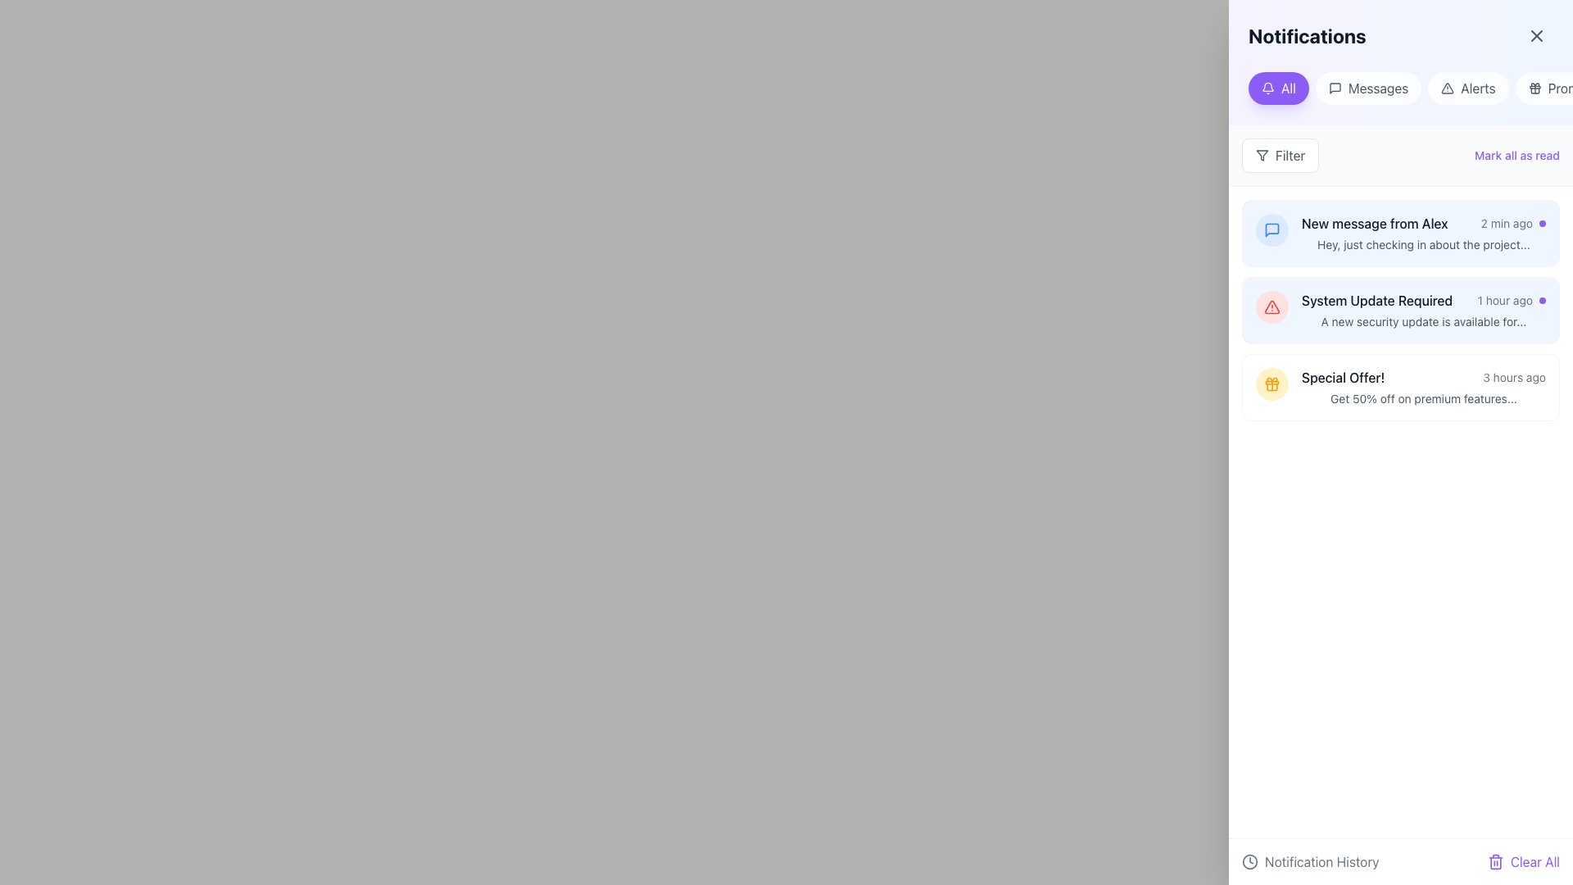 Image resolution: width=1573 pixels, height=885 pixels. I want to click on the clear-all button for notifications located at the far-right position of the bottom horizontal bar, so click(1522, 861).